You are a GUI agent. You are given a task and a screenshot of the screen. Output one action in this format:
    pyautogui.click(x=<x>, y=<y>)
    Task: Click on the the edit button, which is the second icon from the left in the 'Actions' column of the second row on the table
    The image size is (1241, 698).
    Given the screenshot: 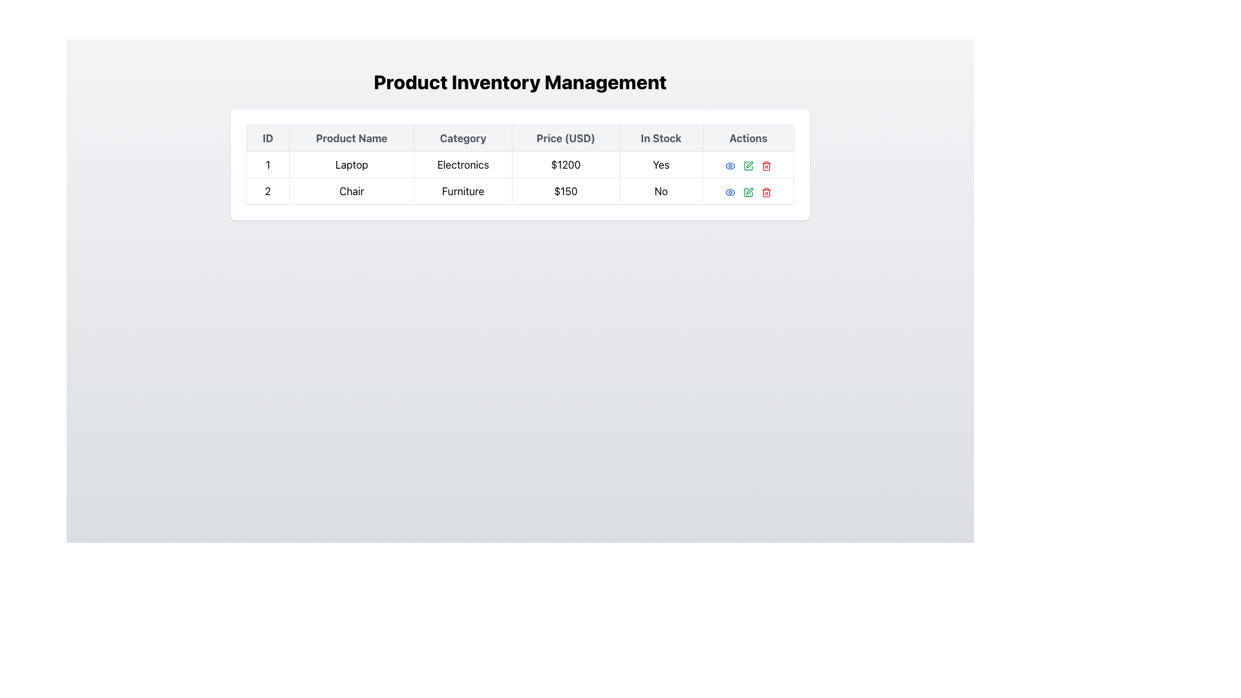 What is the action you would take?
    pyautogui.click(x=748, y=191)
    